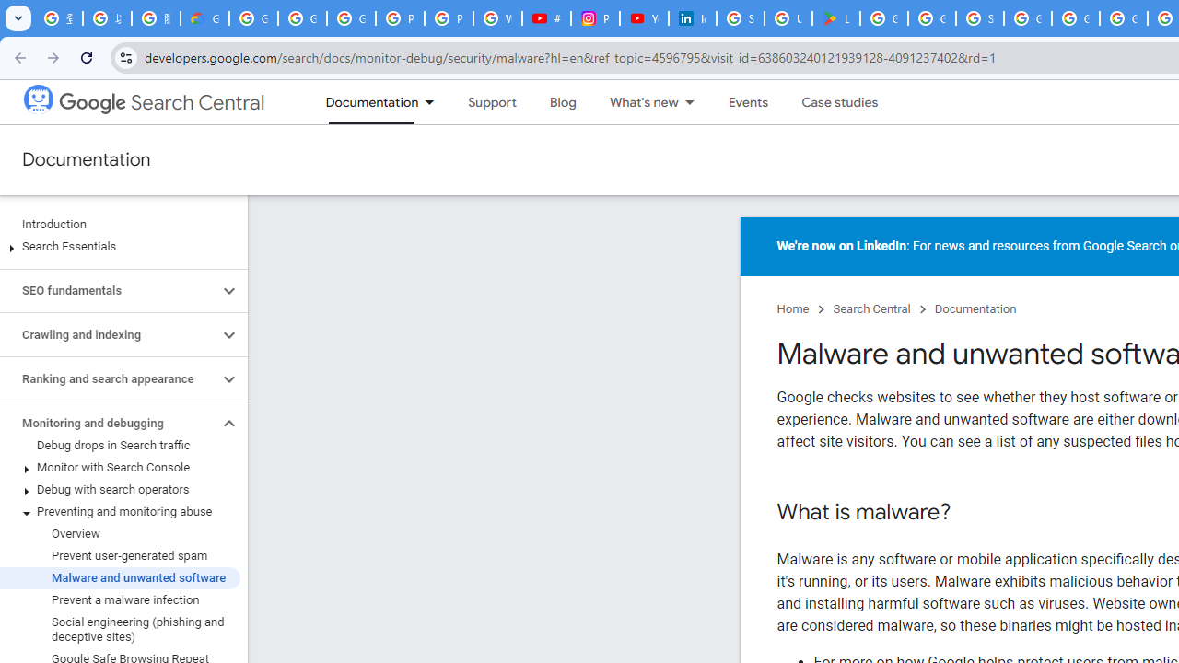 This screenshot has width=1179, height=663. What do you see at coordinates (835, 18) in the screenshot?
I see `'Last Shelter: Survival - Apps on Google Play'` at bounding box center [835, 18].